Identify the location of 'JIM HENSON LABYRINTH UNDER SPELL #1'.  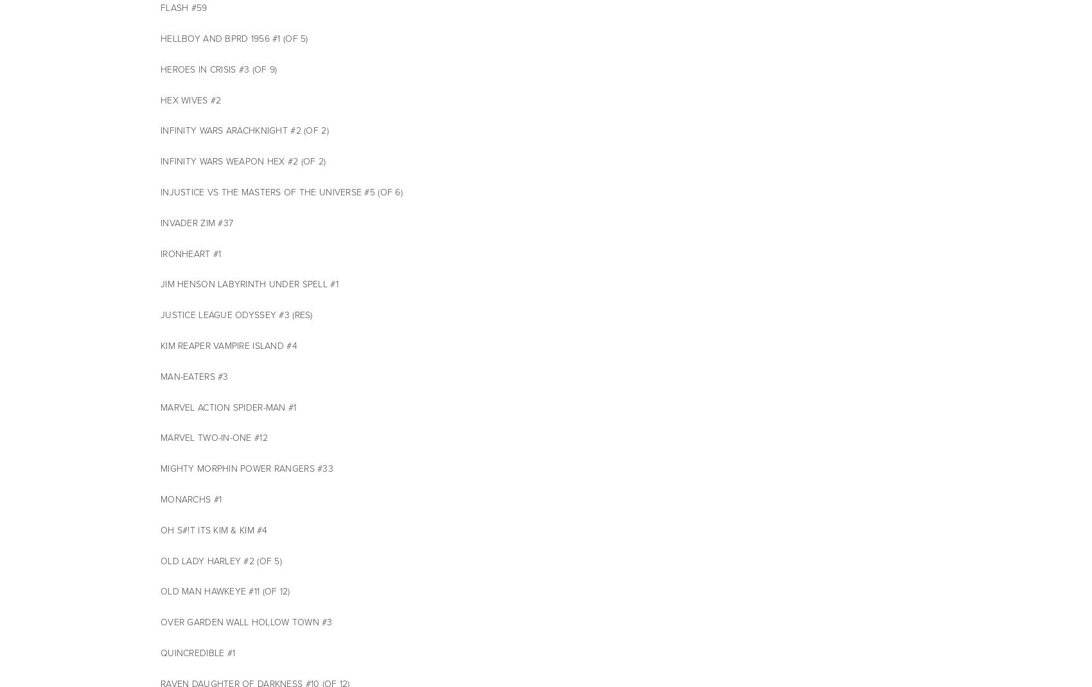
(248, 283).